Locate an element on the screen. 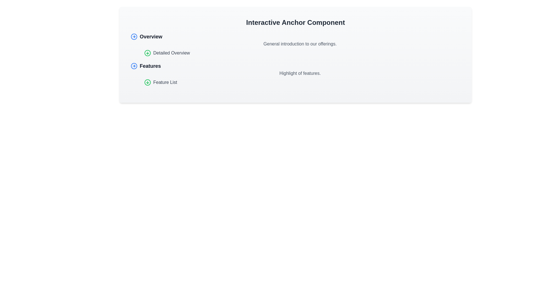  the 'Features' section header is located at coordinates (295, 74).